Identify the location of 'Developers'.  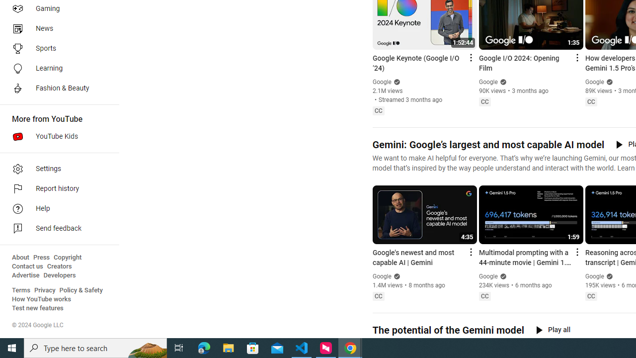
(59, 275).